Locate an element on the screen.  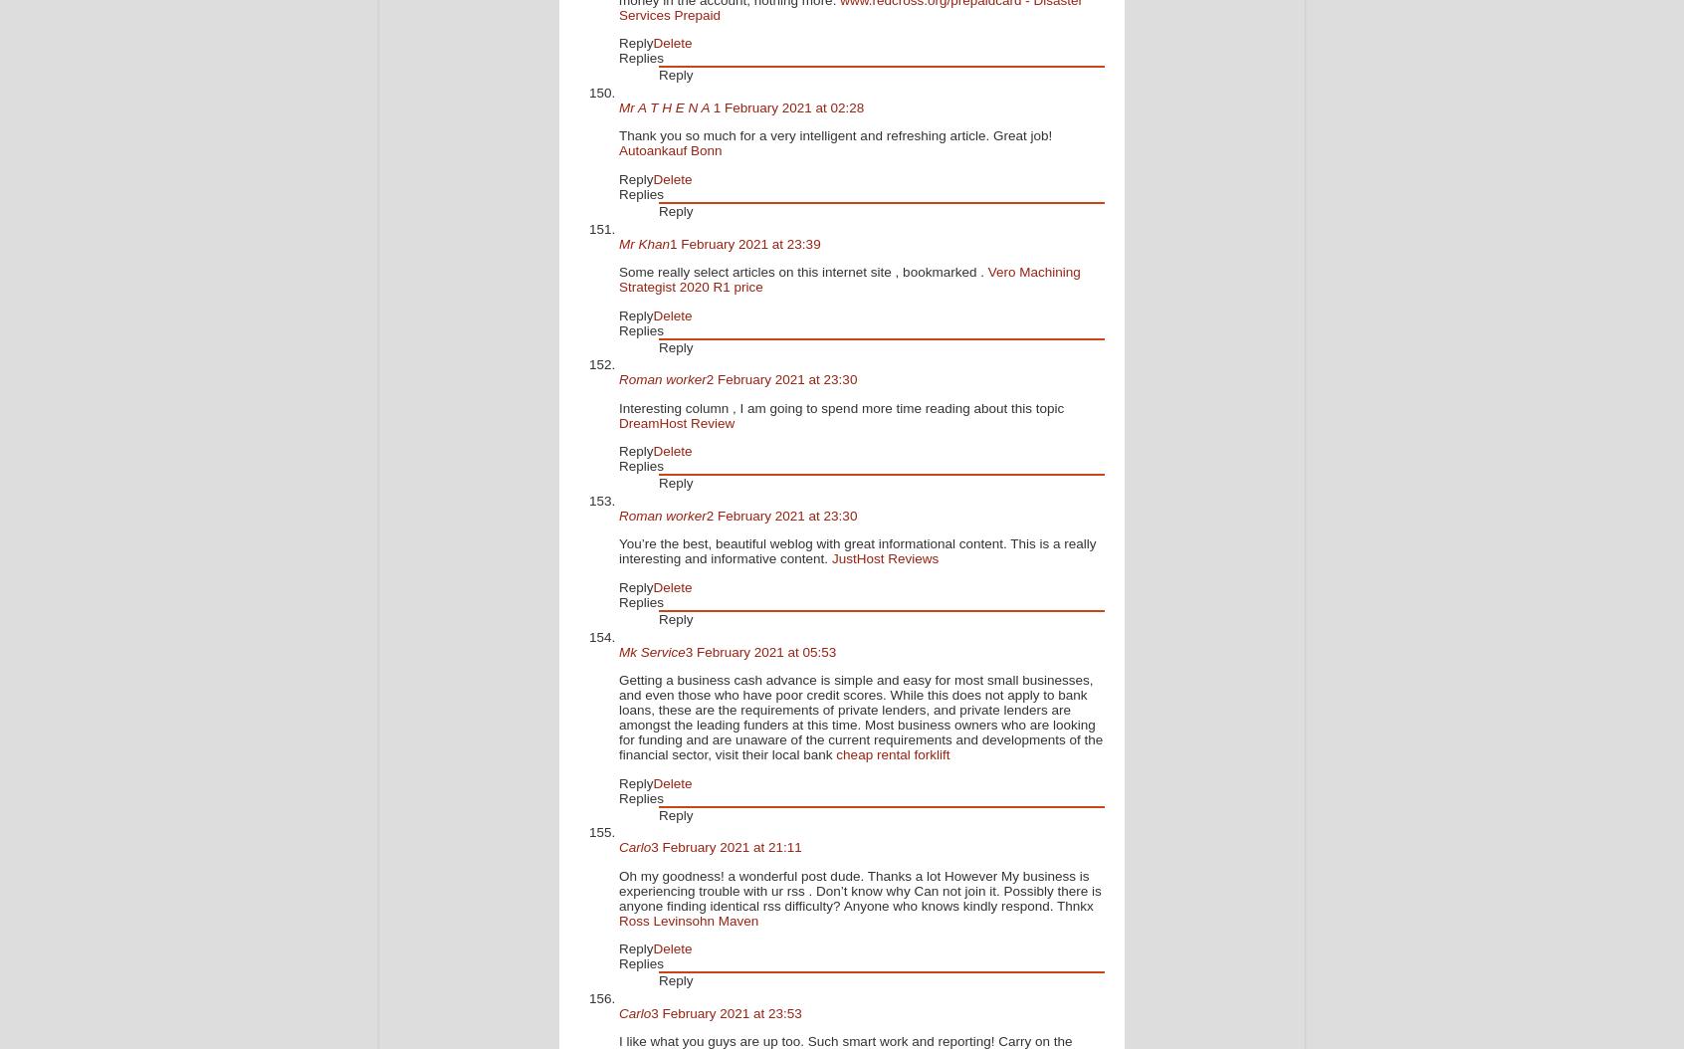
'Getting a business cash advance is simple and easy for most small businesses, and even those who have poor credit scores. While this does not apply to bank loans, these are the requirements of private lenders, and private lenders are amongst the leading funders at this time. Most business owners who are looking for funding and are unaware of the current requirements and developments of the financial sector, visit their local bank' is located at coordinates (859, 717).